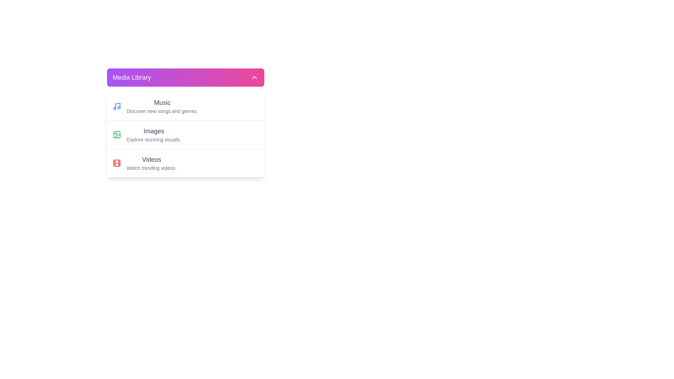 This screenshot has height=379, width=674. Describe the element at coordinates (117, 135) in the screenshot. I see `the 'Images' icon in the 'Media Library' section, which is the first icon in the second row, located to the left of the text 'Images'` at that location.